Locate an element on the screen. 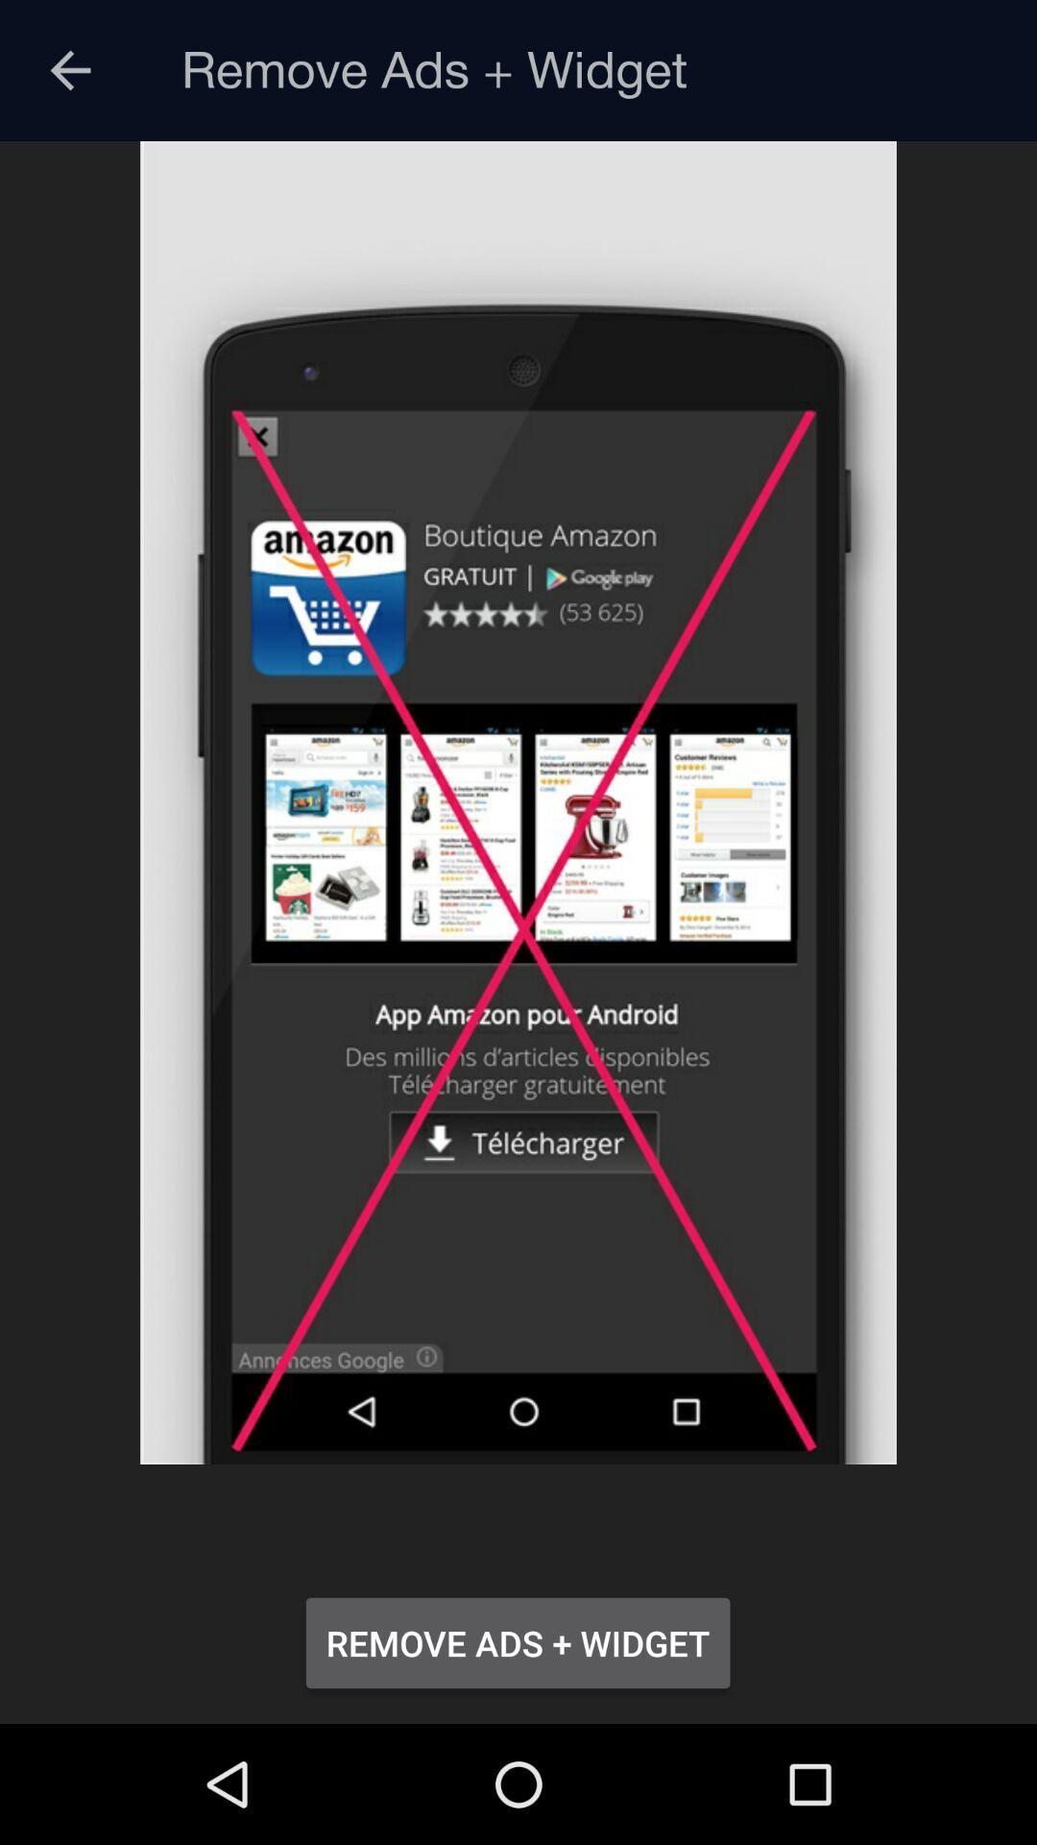  icon at the top left corner is located at coordinates (69, 70).